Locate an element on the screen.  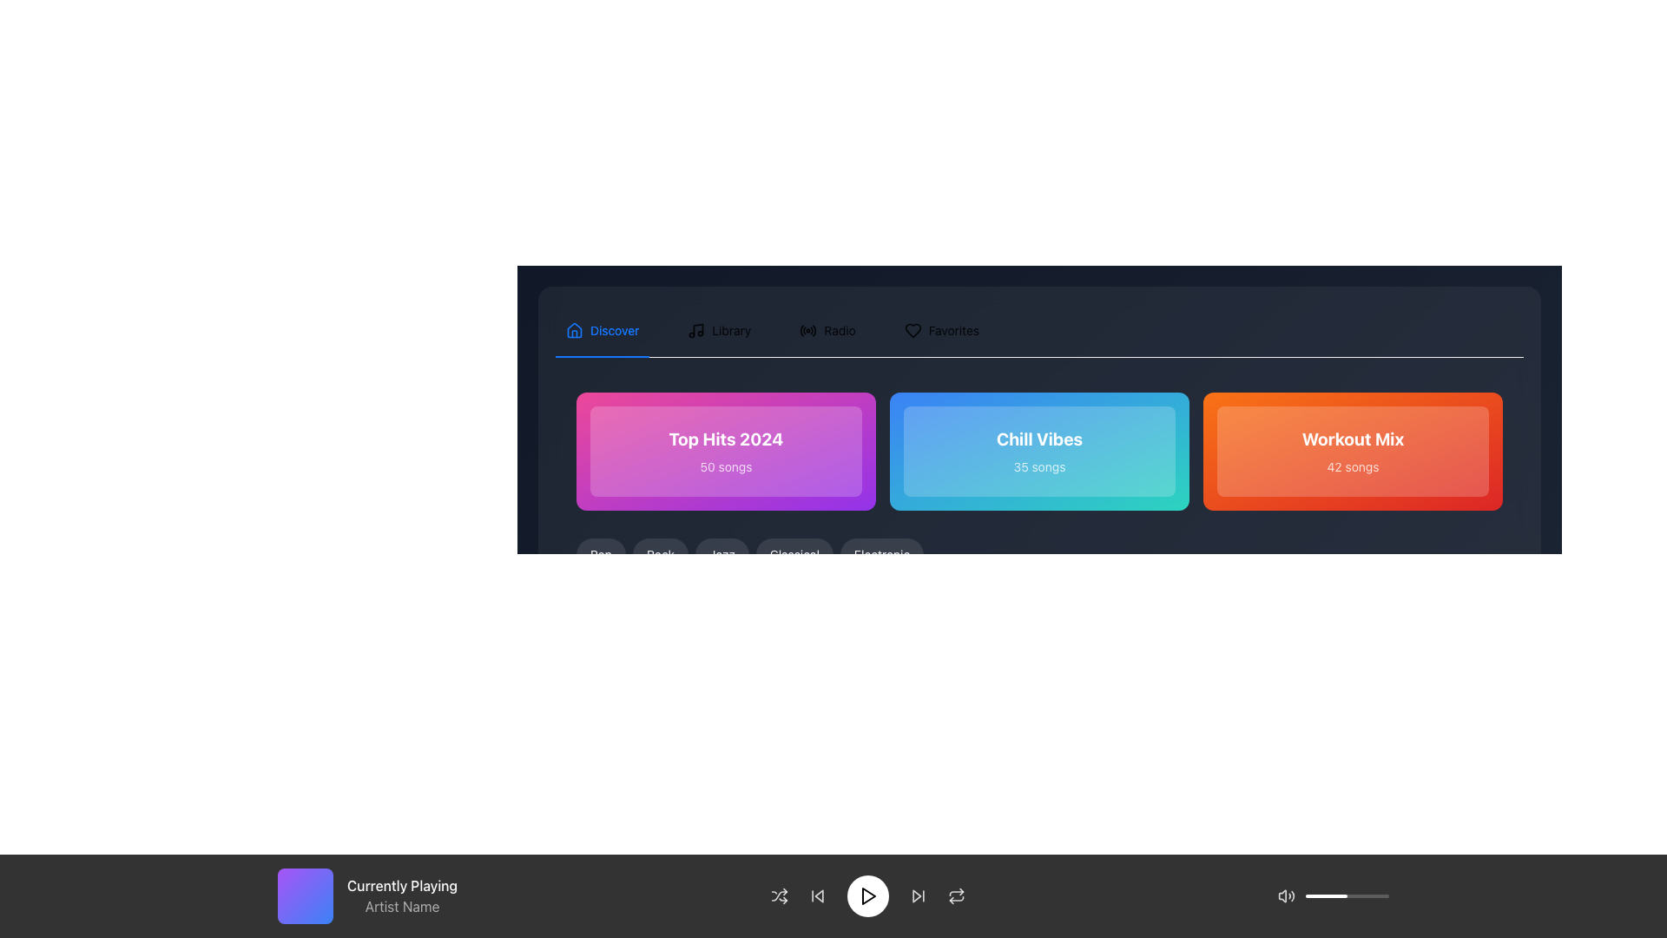
the shuffle playback button located in the bottom navigation bar is located at coordinates (778, 896).